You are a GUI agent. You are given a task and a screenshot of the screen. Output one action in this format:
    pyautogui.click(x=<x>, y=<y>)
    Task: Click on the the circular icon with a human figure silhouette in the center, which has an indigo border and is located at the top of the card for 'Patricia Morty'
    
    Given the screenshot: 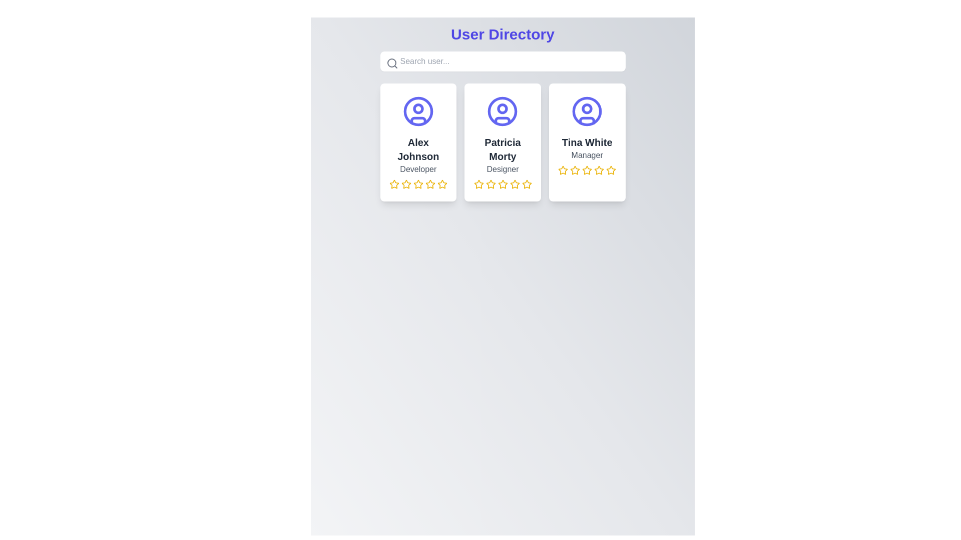 What is the action you would take?
    pyautogui.click(x=503, y=111)
    